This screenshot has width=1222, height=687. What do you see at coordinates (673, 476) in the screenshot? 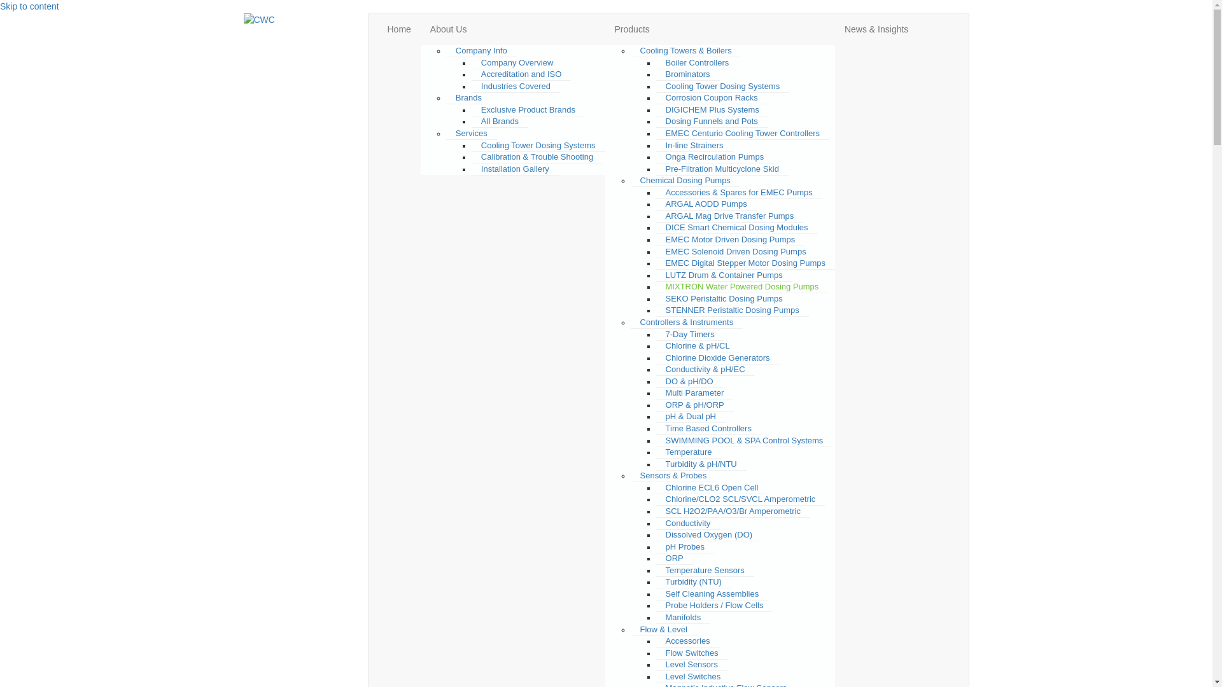
I see `'Sensors & Probes'` at bounding box center [673, 476].